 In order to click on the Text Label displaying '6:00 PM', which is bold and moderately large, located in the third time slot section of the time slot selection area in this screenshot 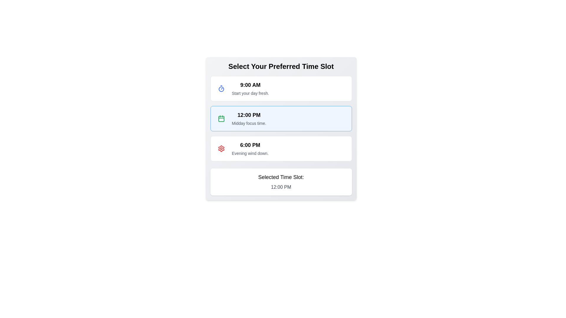, I will do `click(250, 145)`.